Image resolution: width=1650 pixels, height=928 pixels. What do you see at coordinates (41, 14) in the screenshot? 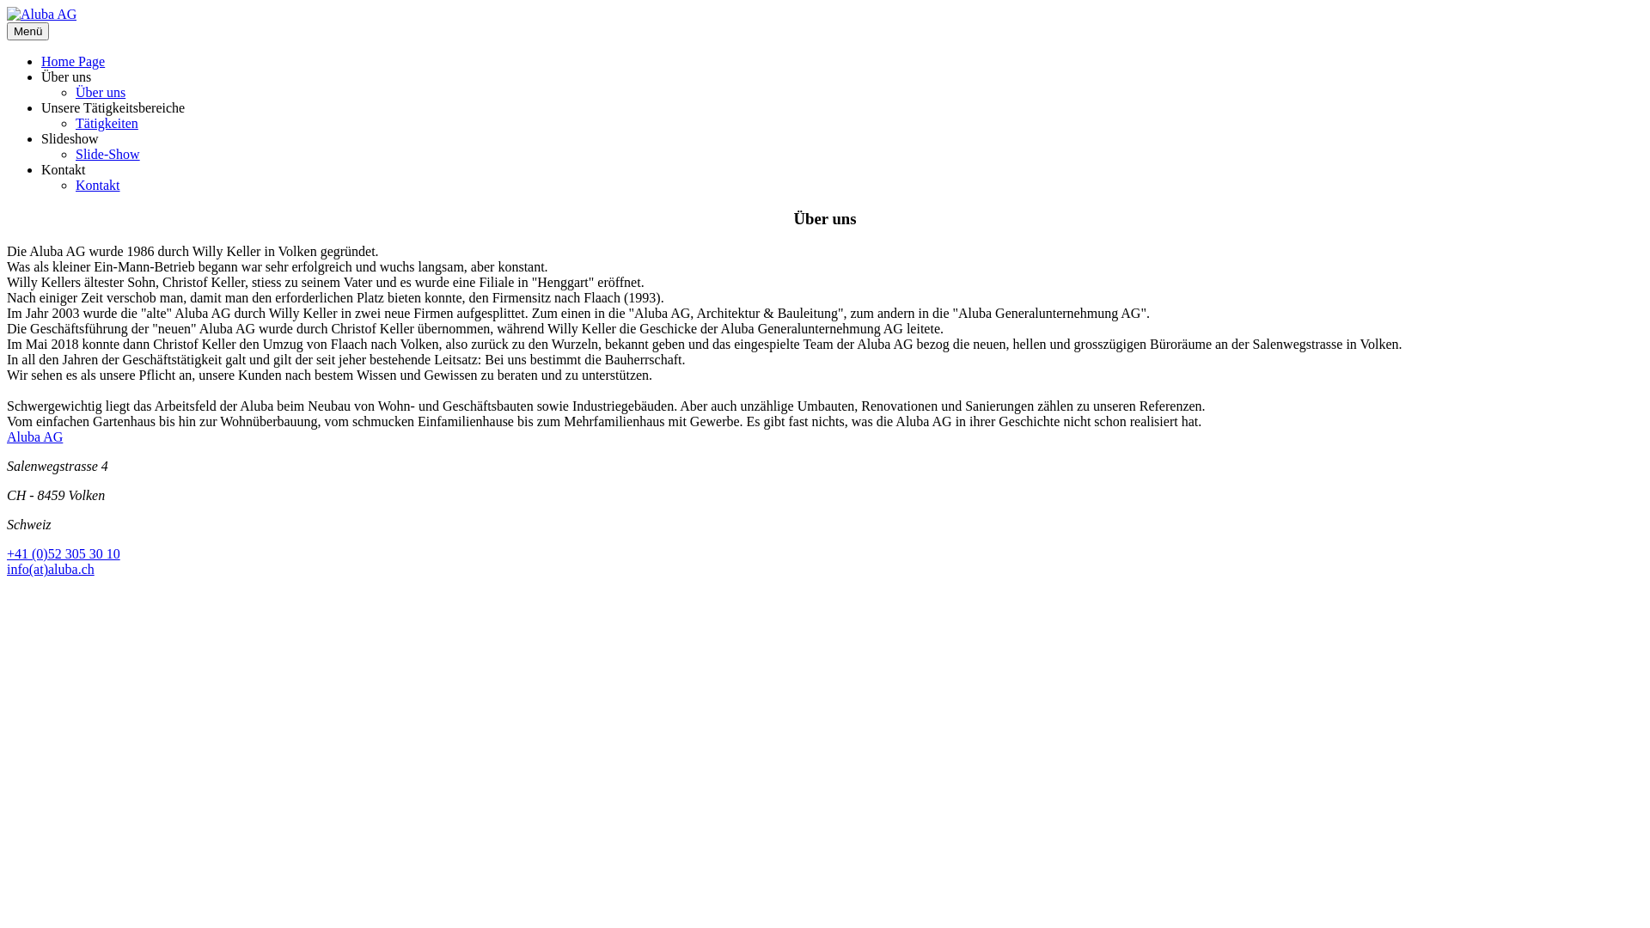
I see `'Aluba AG'` at bounding box center [41, 14].